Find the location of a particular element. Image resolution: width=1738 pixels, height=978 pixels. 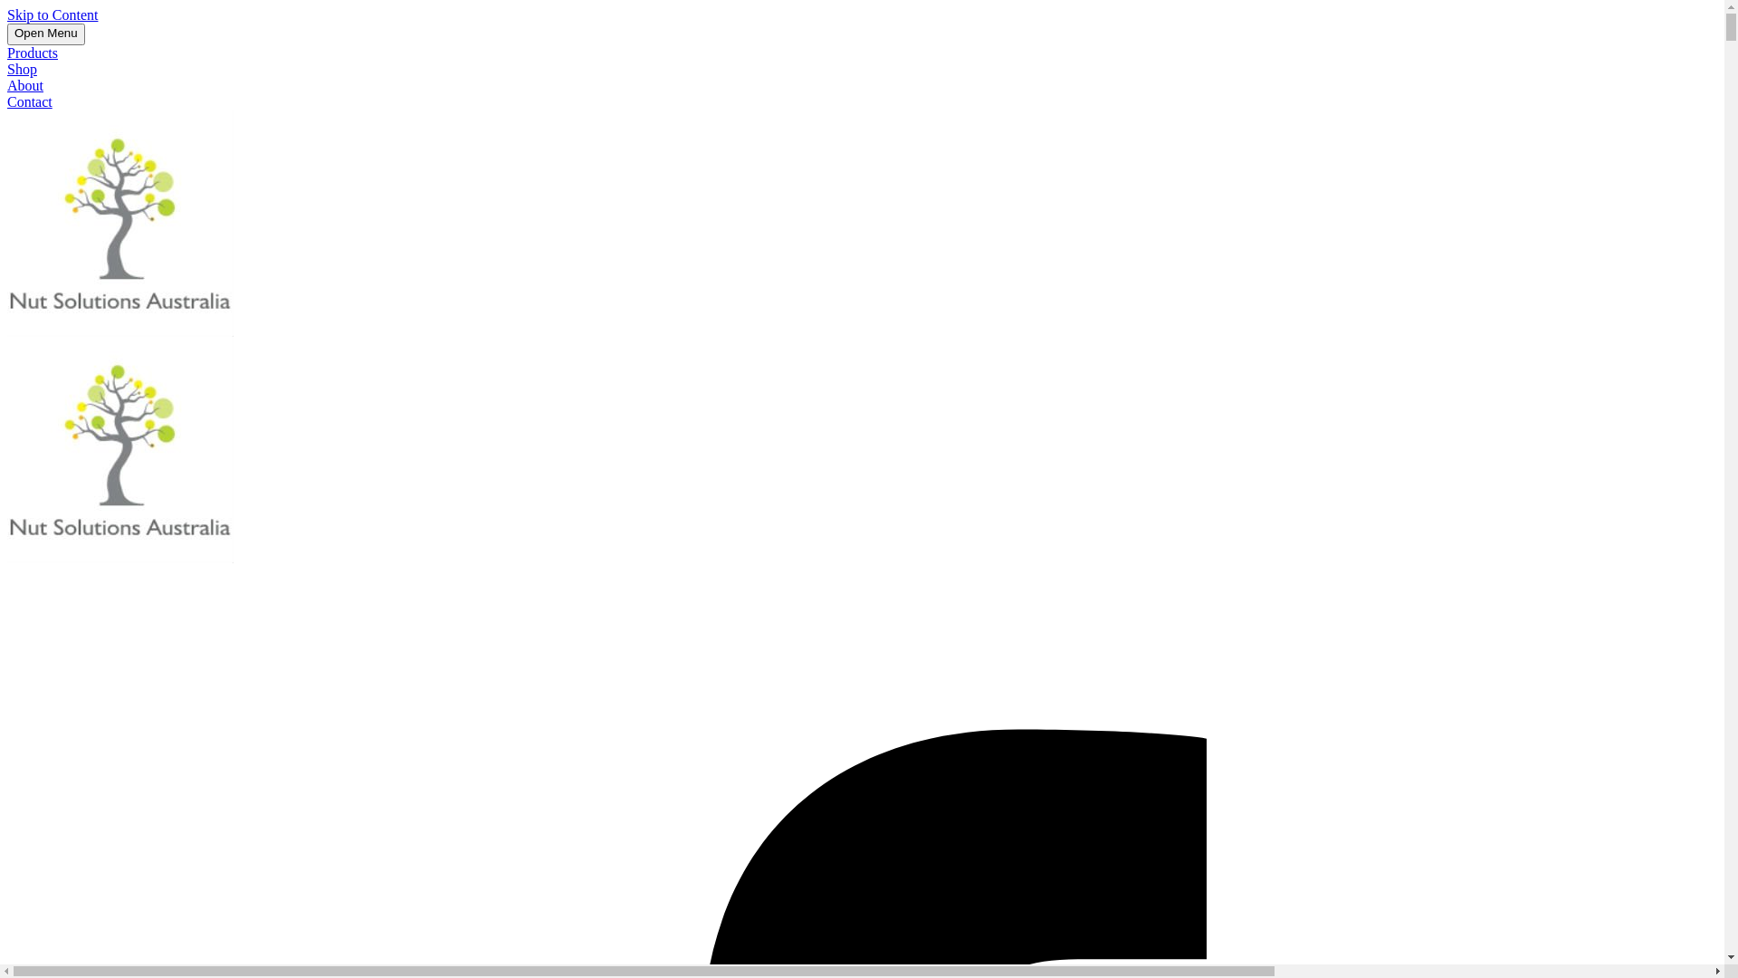

'Open Menu' is located at coordinates (46, 34).